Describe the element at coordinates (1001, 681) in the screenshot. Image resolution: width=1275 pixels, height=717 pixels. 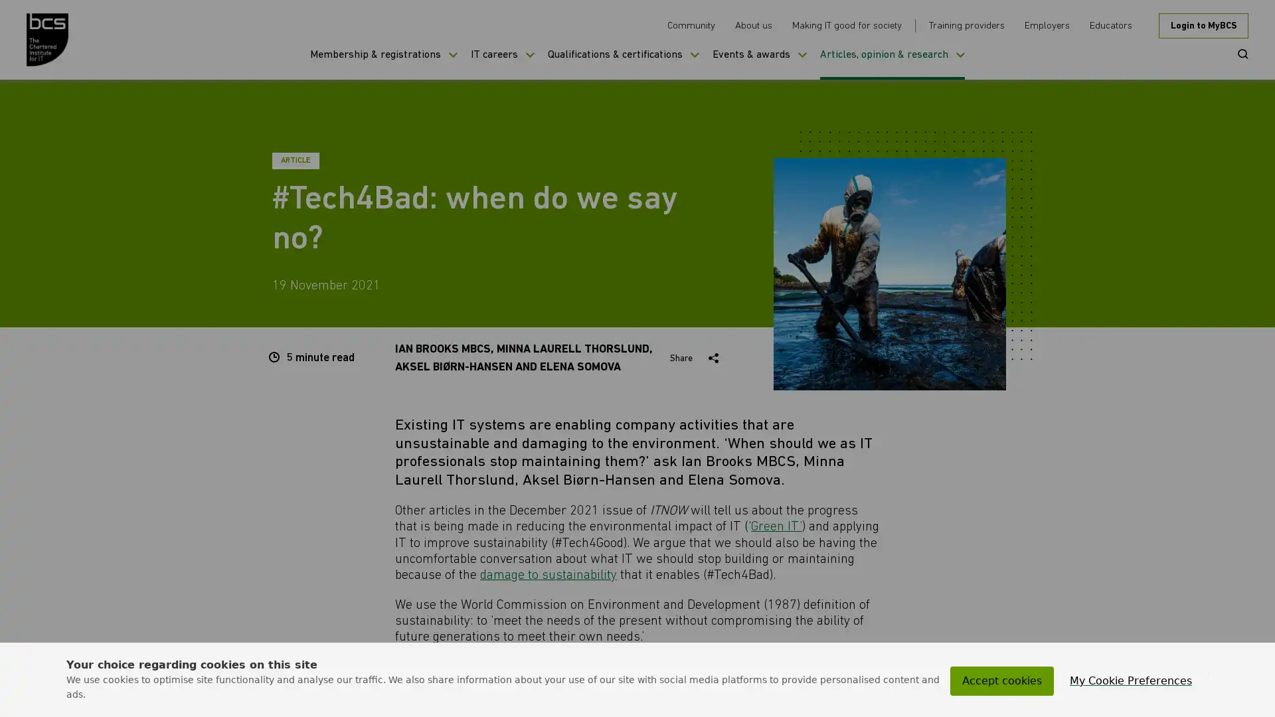
I see `Accept cookies` at that location.